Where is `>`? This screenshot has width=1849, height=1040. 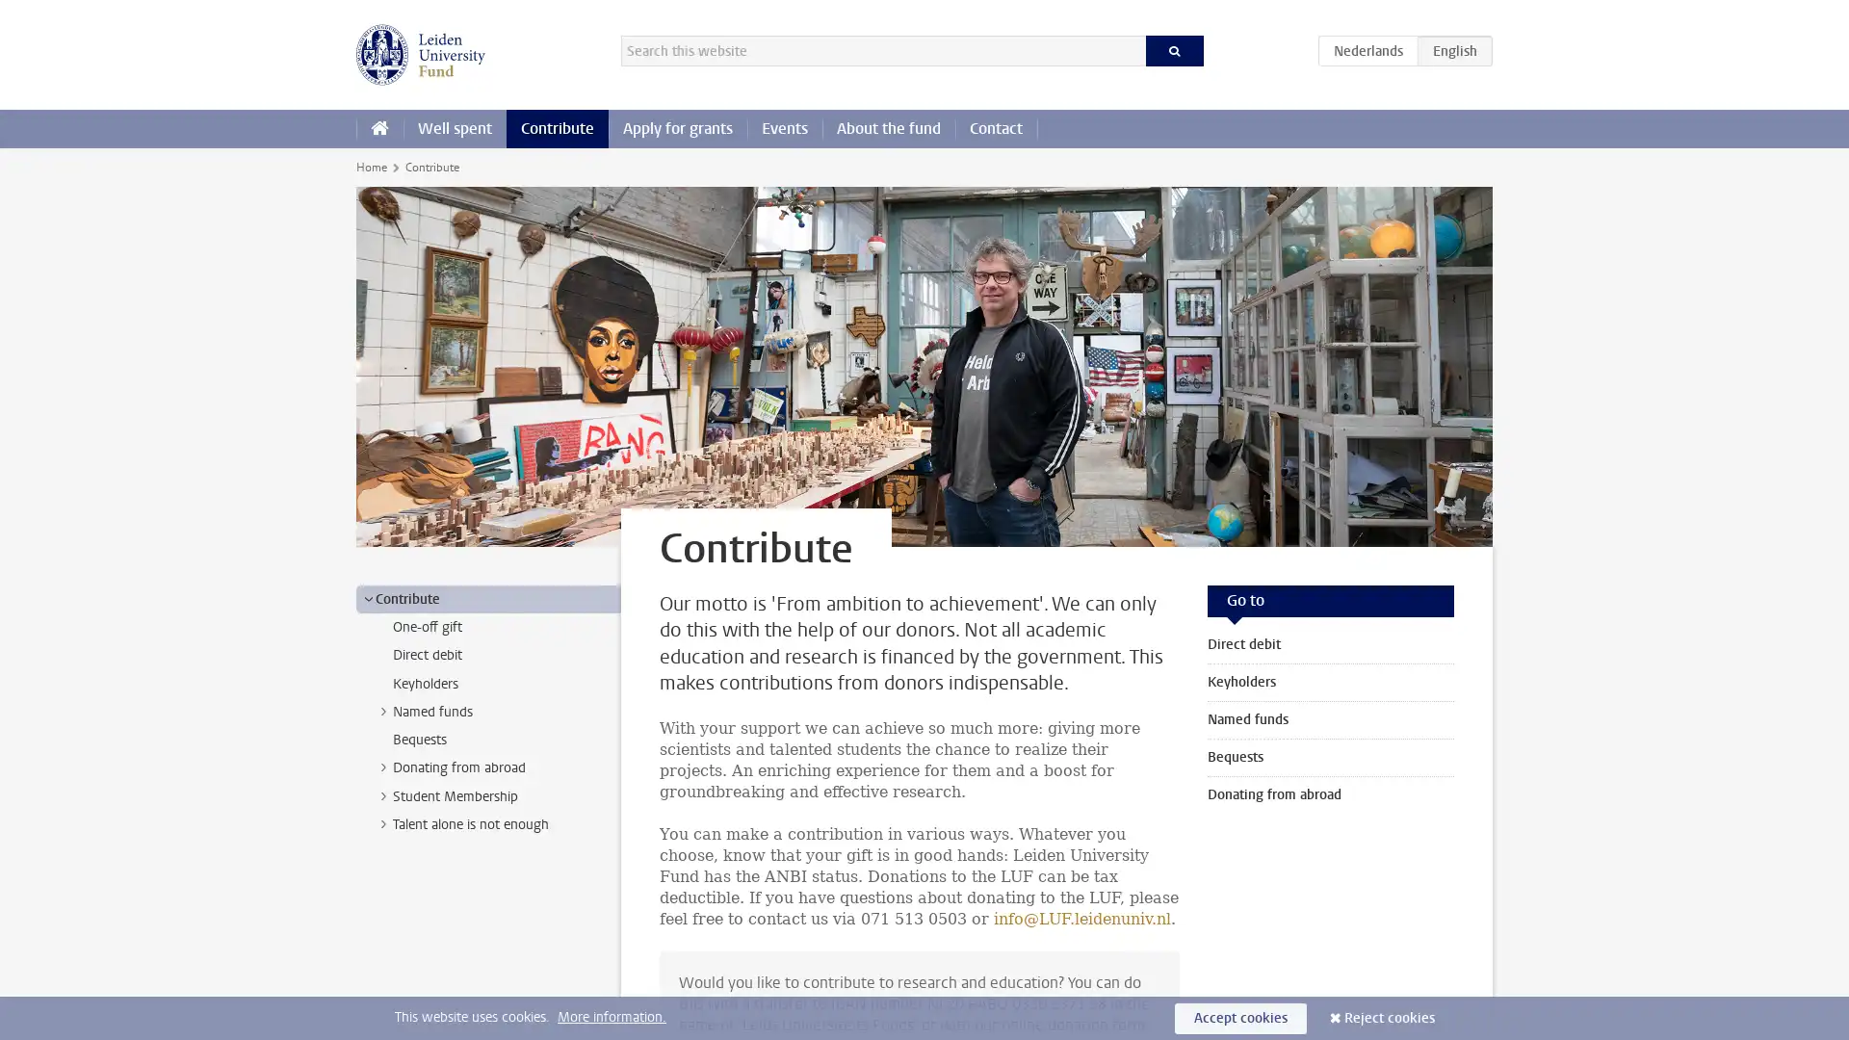
> is located at coordinates (383, 767).